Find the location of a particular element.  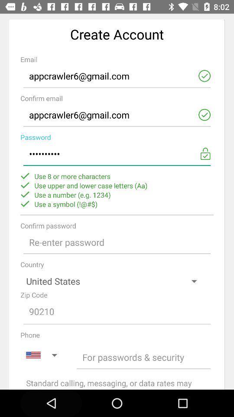

type phone number is located at coordinates (143, 357).